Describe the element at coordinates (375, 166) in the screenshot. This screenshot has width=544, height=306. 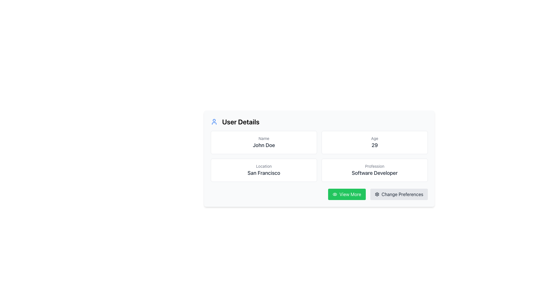
I see `the descriptive label that provides context for the profession details, located above the text 'Software Developer' in the bottom-right corner of the user detail sections` at that location.